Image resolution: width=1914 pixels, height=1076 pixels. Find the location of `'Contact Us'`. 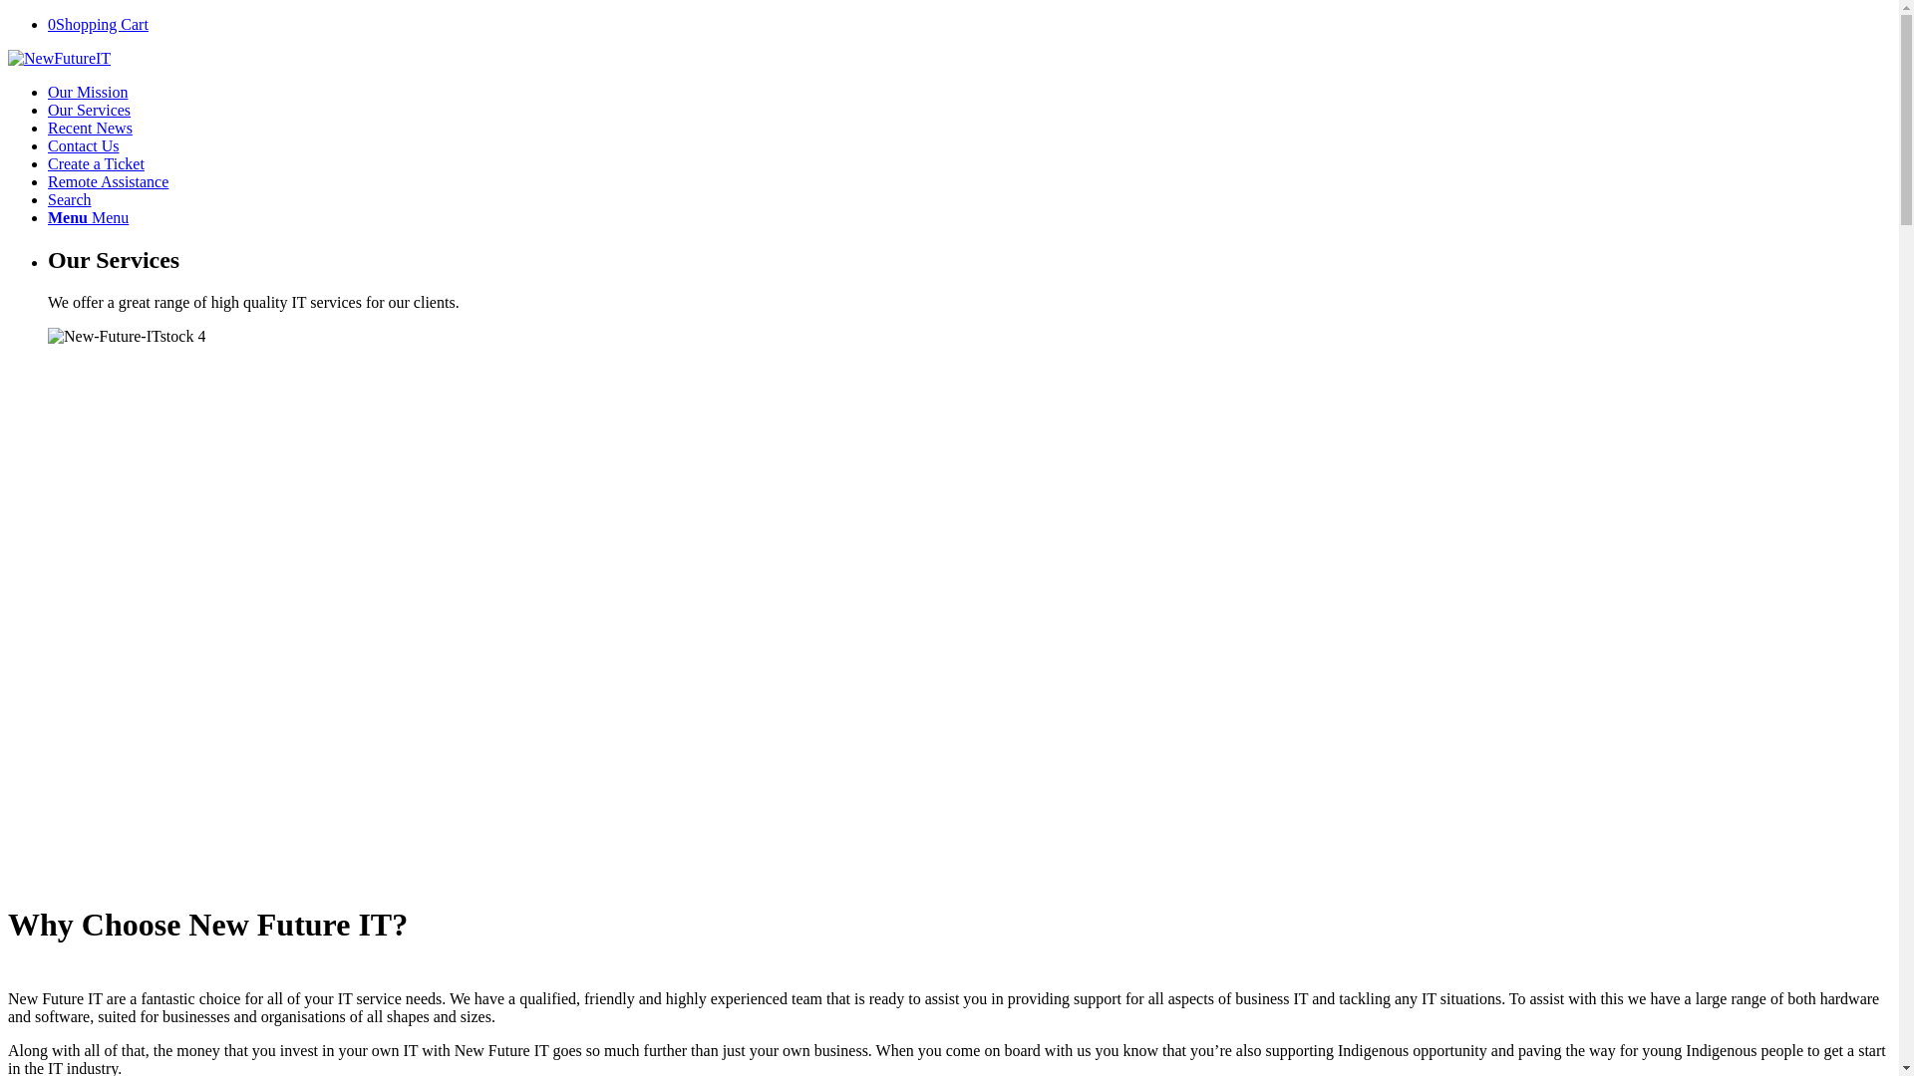

'Contact Us' is located at coordinates (82, 144).